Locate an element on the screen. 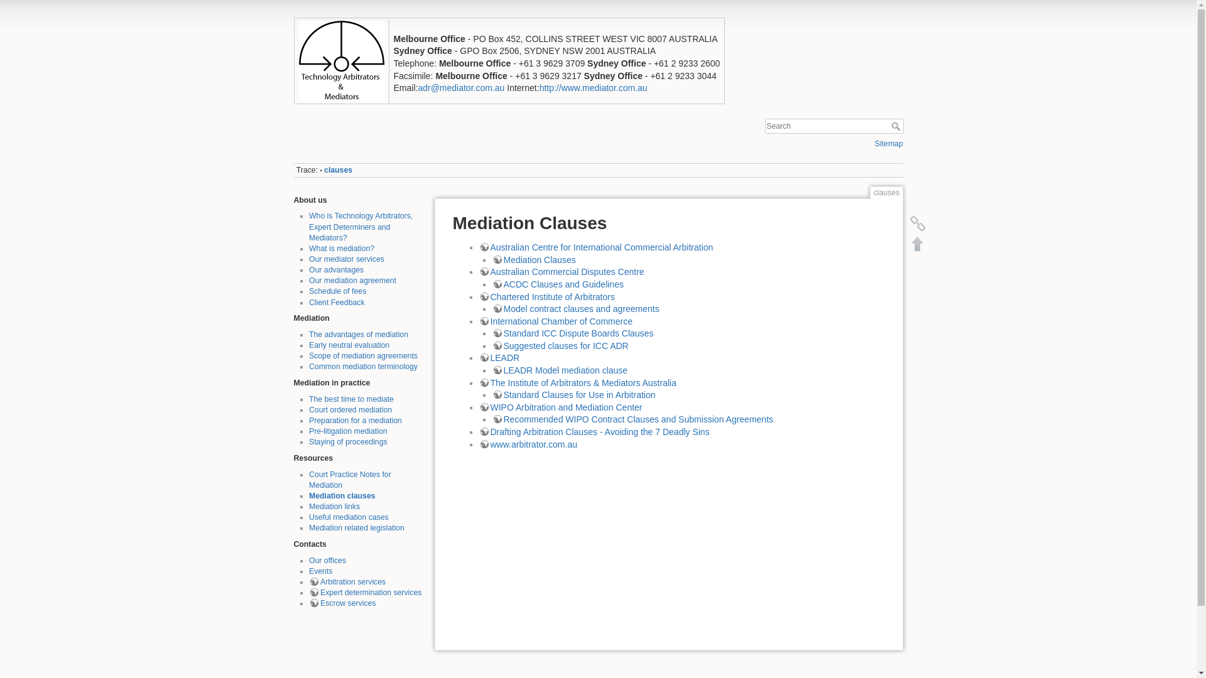 The image size is (1206, 678). 'Arbitration services' is located at coordinates (347, 581).